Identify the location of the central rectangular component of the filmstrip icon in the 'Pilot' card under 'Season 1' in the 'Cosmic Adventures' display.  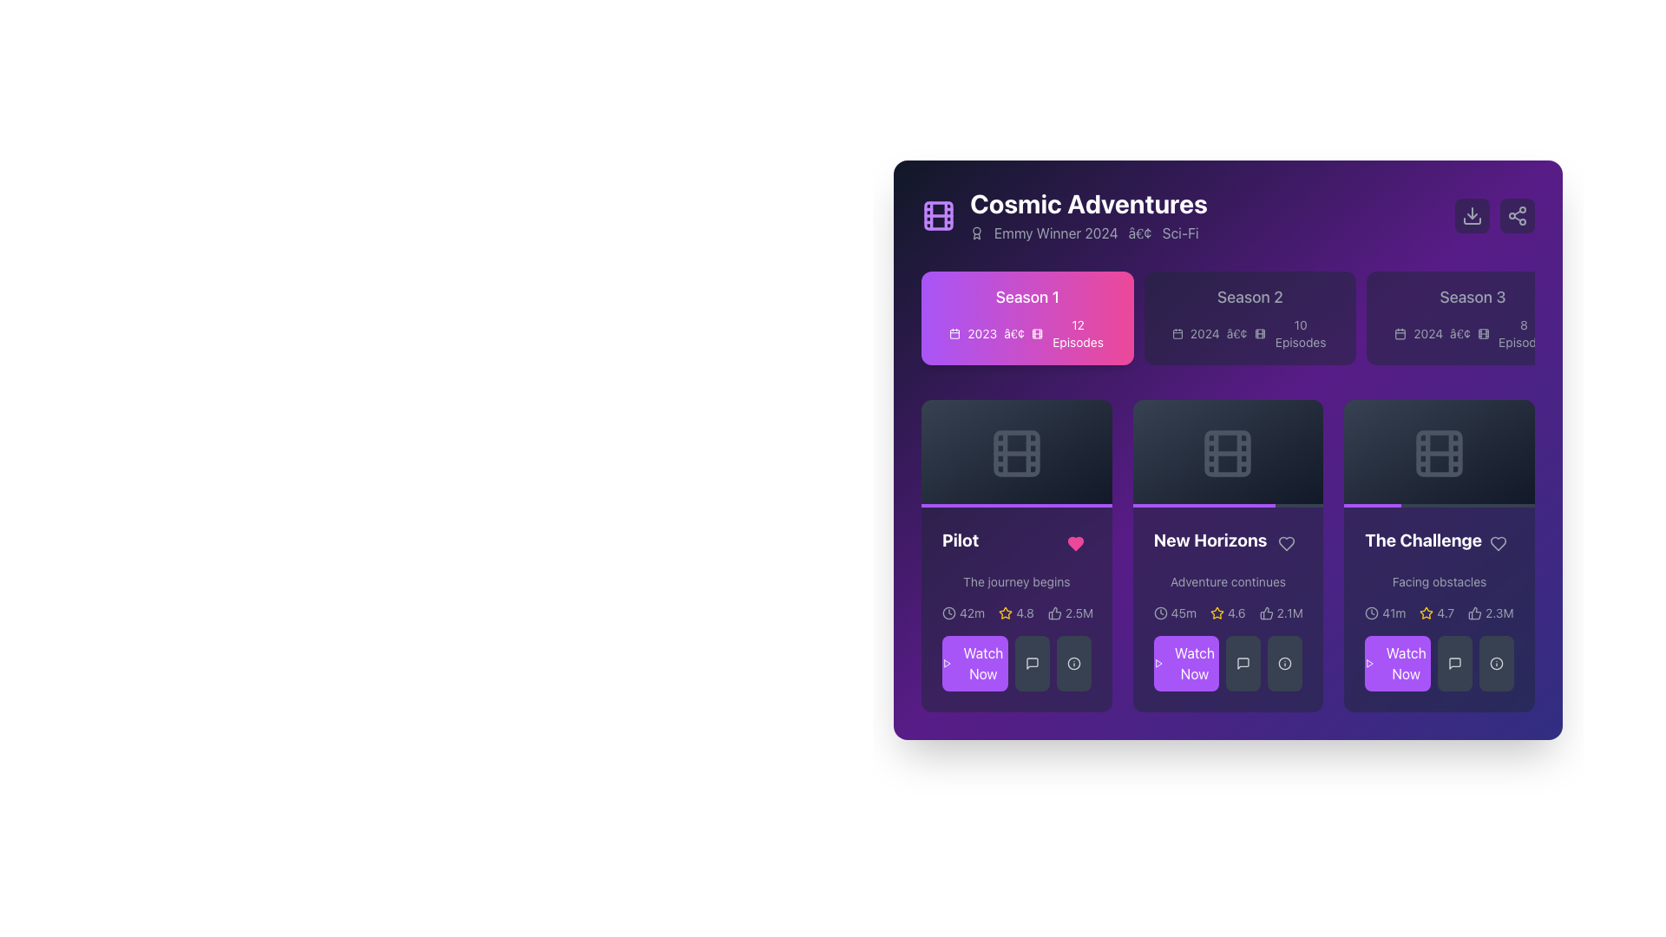
(1016, 452).